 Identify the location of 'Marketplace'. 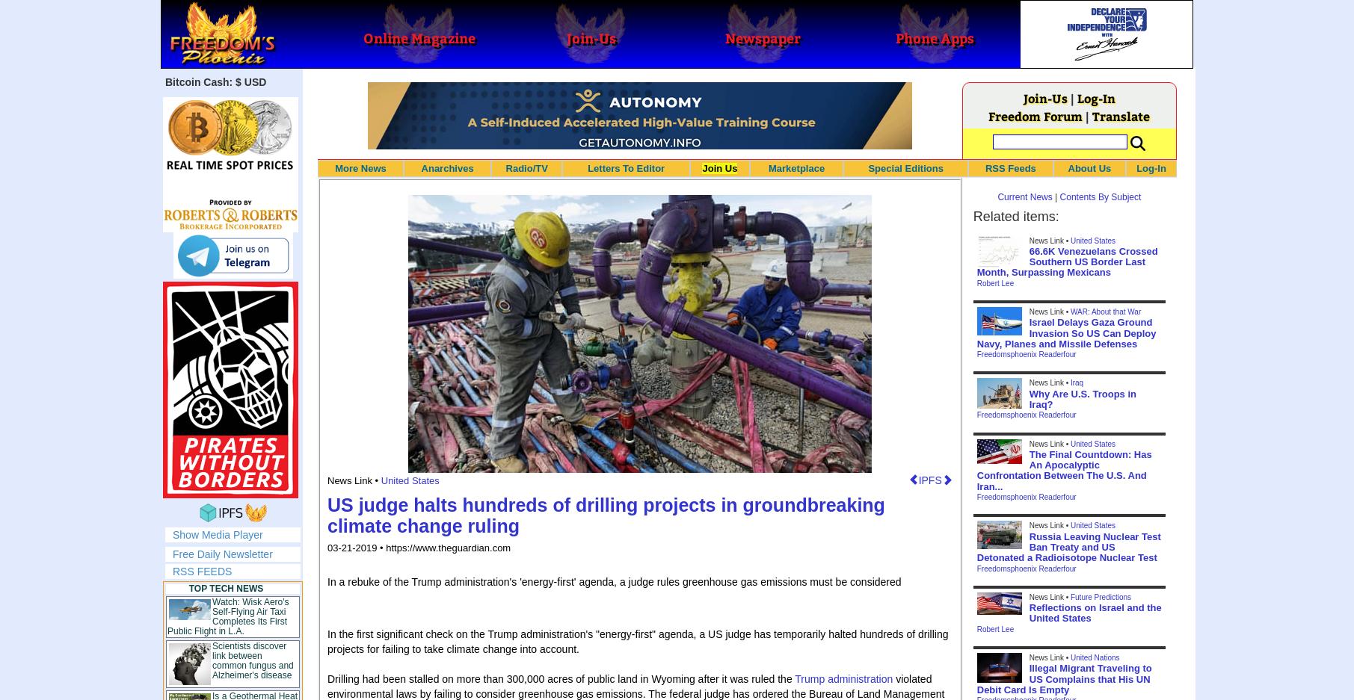
(796, 167).